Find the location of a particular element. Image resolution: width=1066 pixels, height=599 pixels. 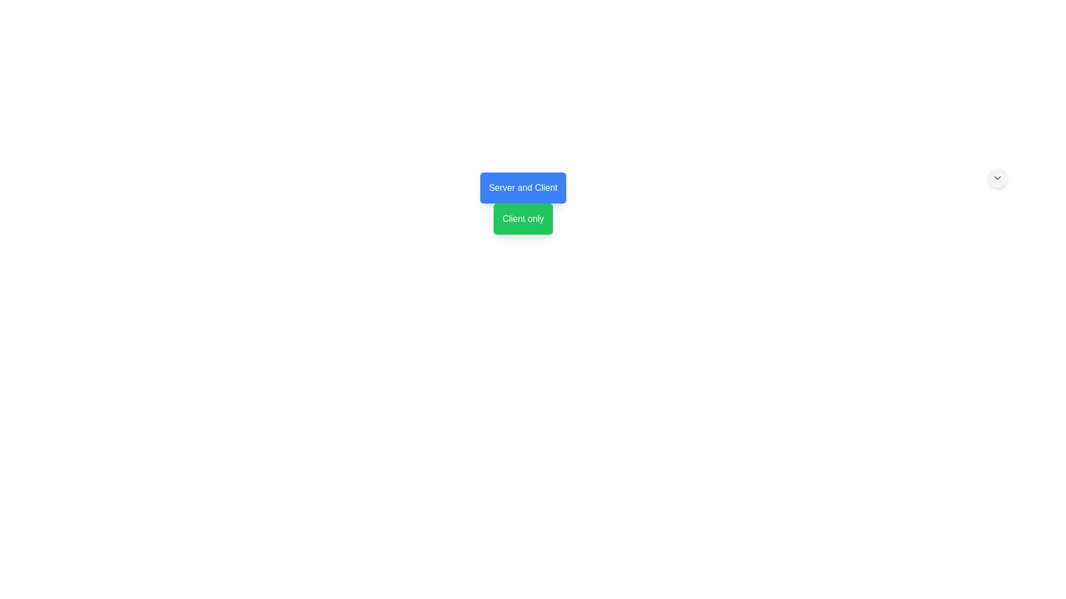

the informational label button with the text 'Server and Client', which is a blue rectangular button with rounded corners located above the 'Client only' button is located at coordinates (522, 187).